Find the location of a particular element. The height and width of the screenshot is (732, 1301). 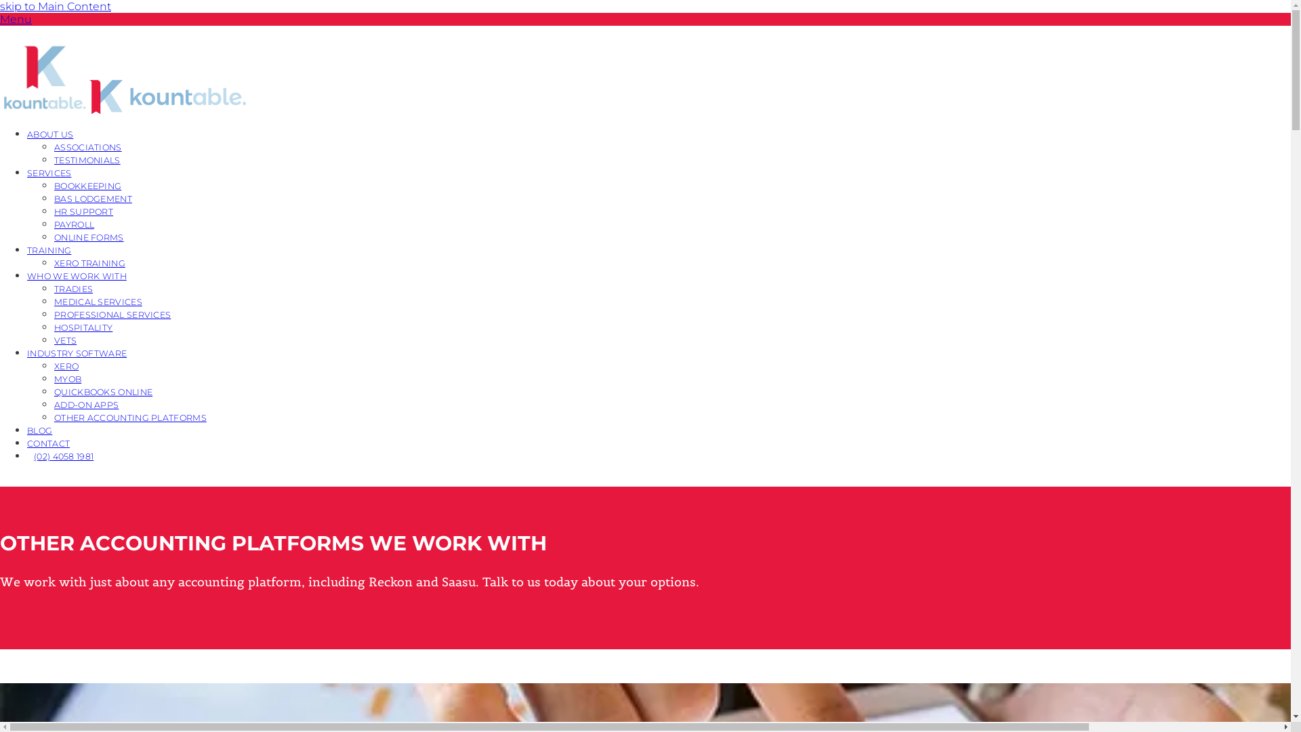

'VETS' is located at coordinates (64, 339).